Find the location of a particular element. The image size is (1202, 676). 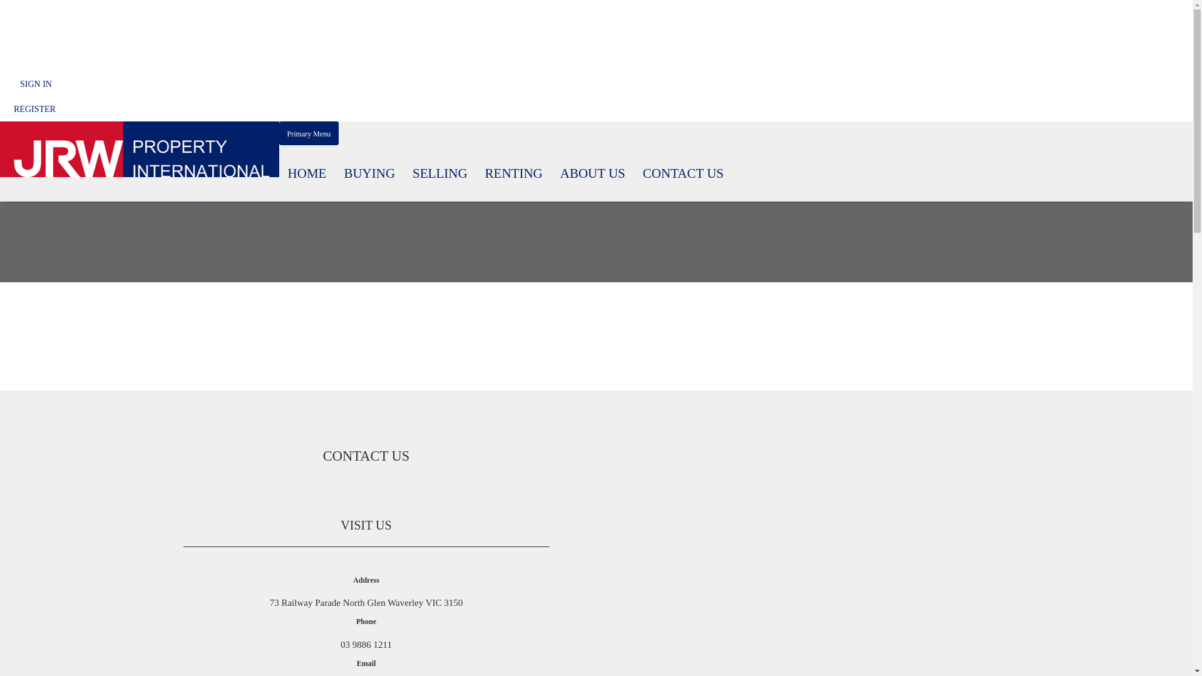

'ABOUT US' is located at coordinates (592, 173).